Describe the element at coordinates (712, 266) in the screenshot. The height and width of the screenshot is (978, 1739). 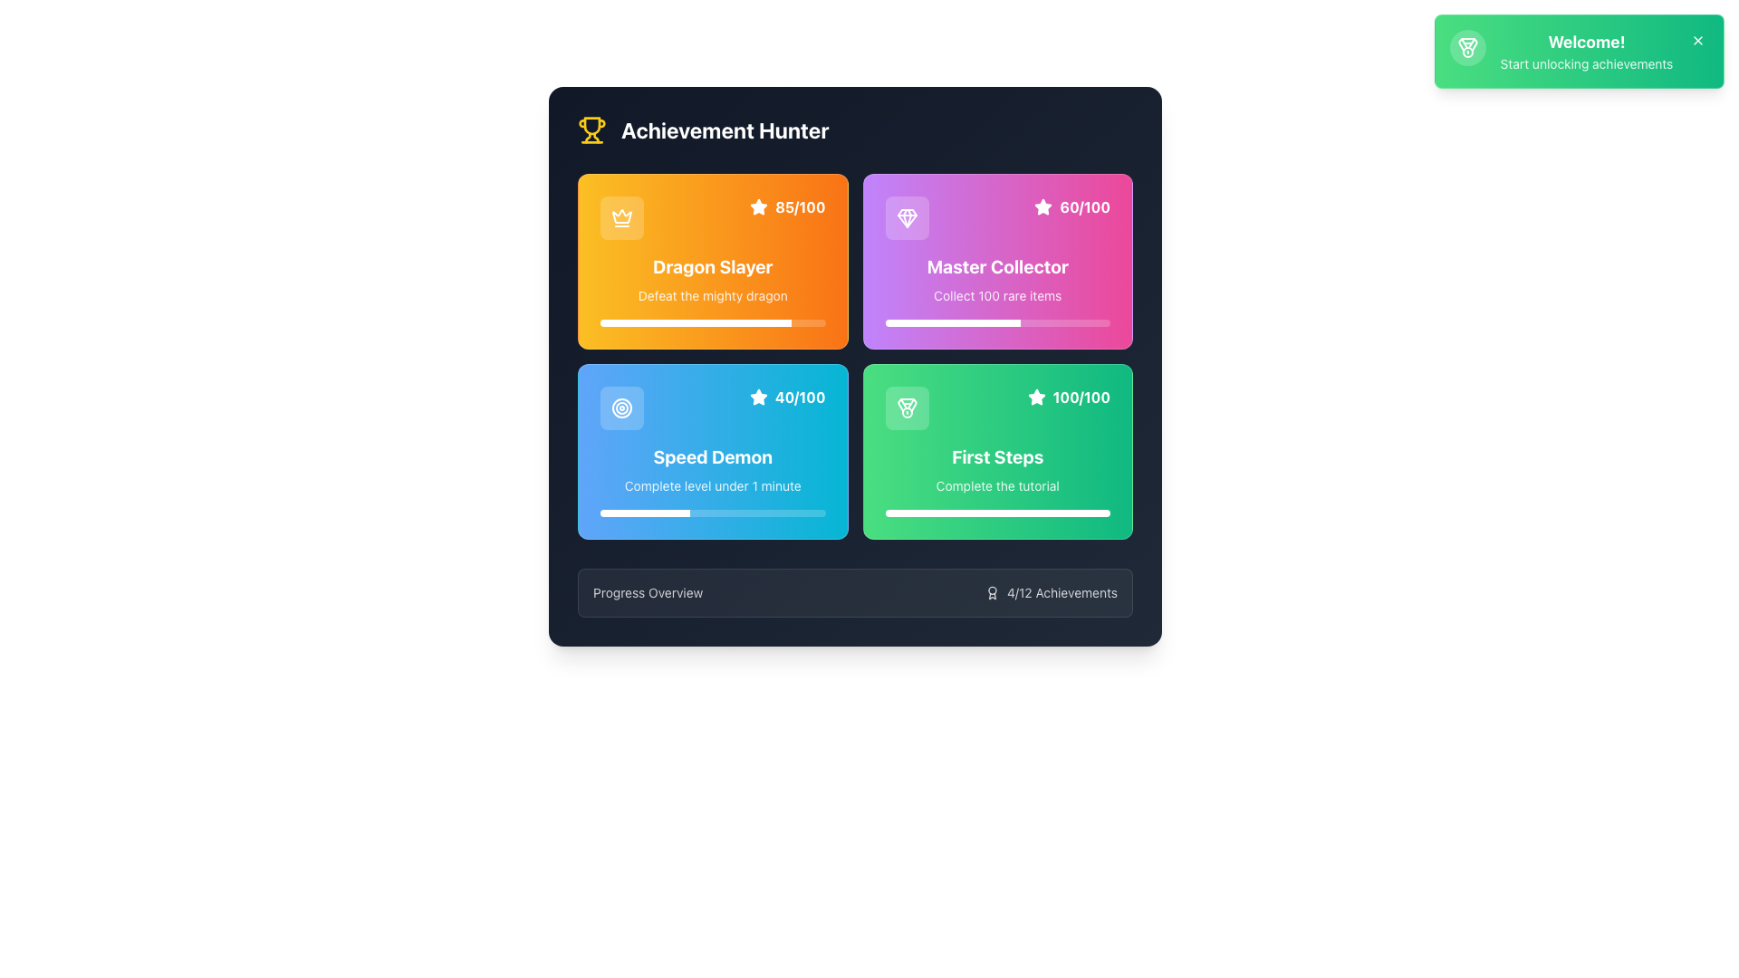
I see `the text label displaying 'Dragon Slayer' which is styled in bold, white font against a gradient orange background` at that location.